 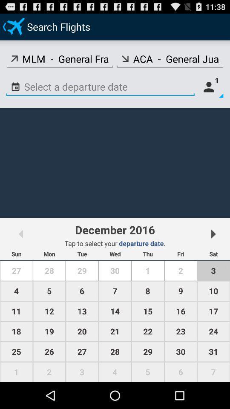 What do you see at coordinates (210, 93) in the screenshot?
I see `the avatar icon` at bounding box center [210, 93].